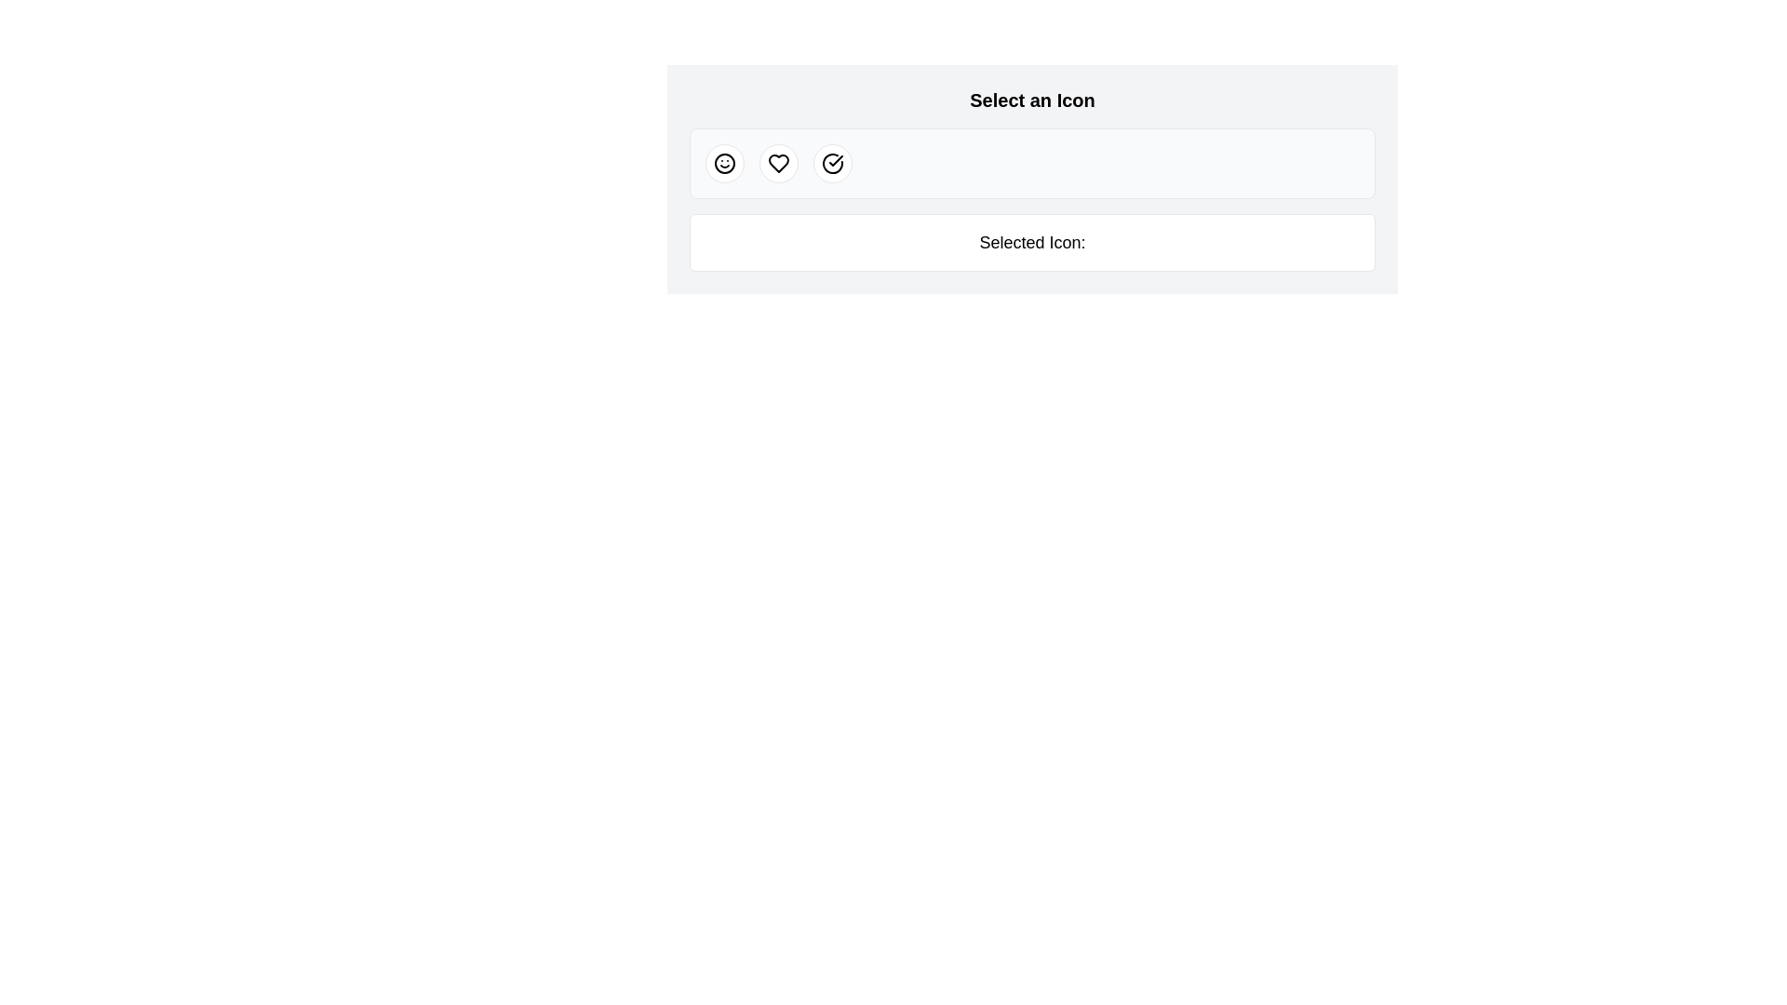 This screenshot has height=1005, width=1787. What do you see at coordinates (778, 163) in the screenshot?
I see `the heart icon outlined with black strokes, which is the second icon in a horizontal list of three icons` at bounding box center [778, 163].